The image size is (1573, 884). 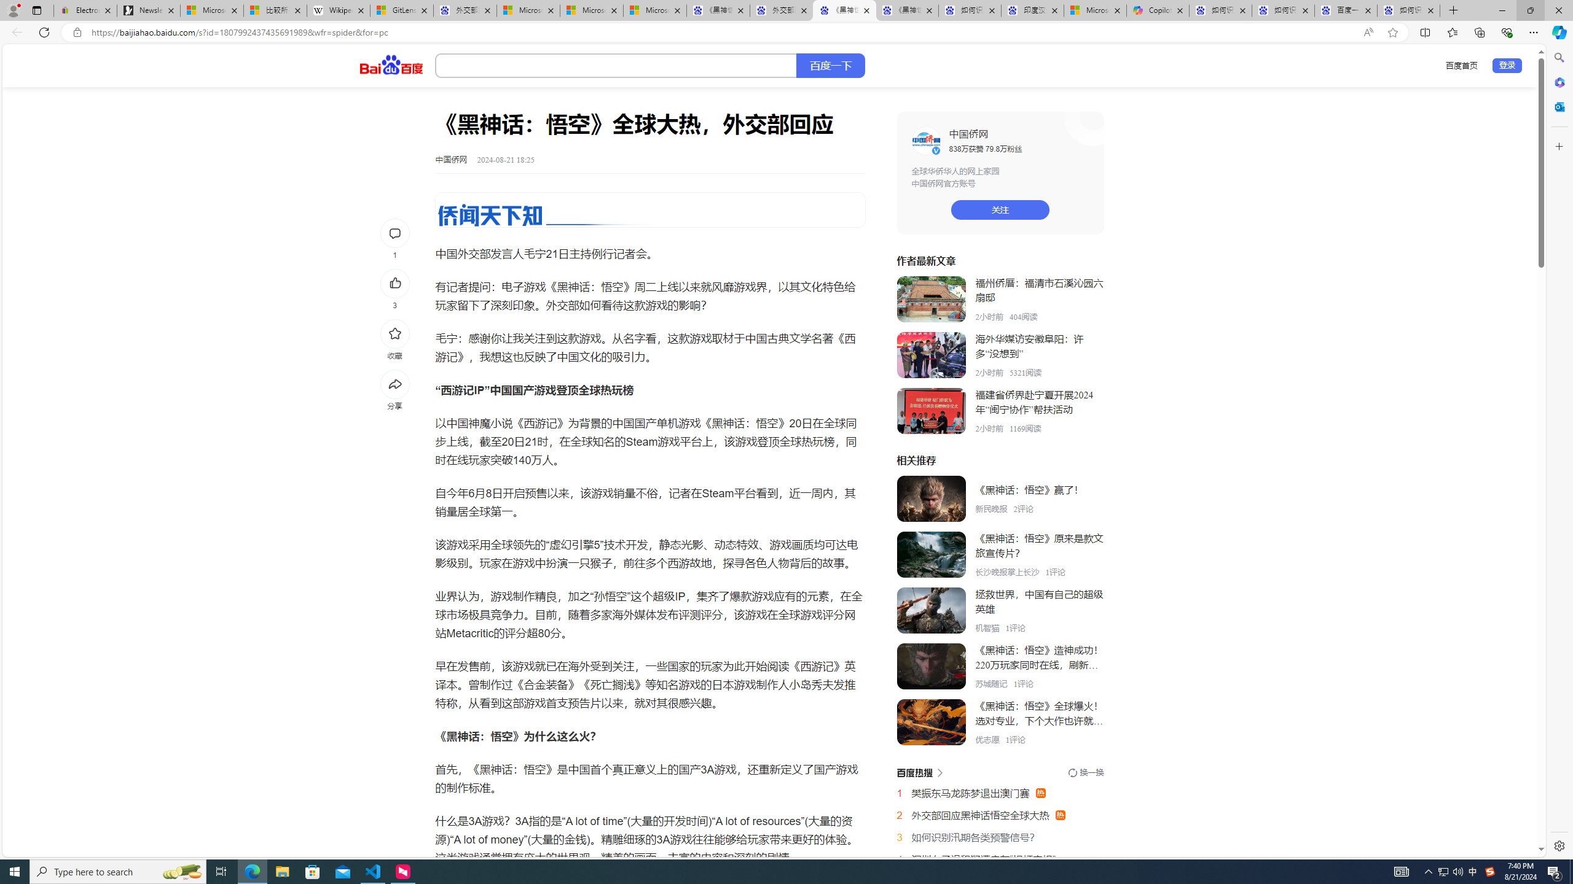 What do you see at coordinates (931, 721) in the screenshot?
I see `'Class: XDq7y'` at bounding box center [931, 721].